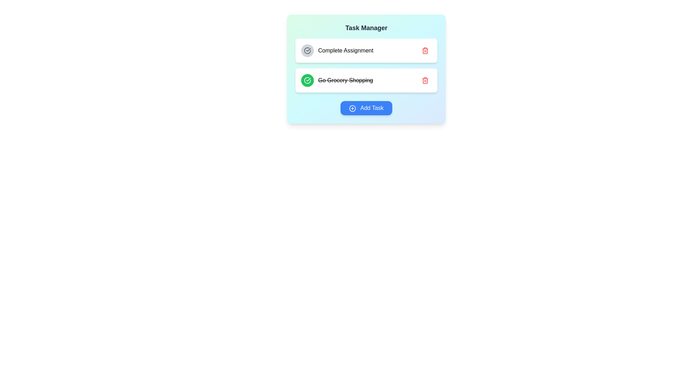 The image size is (681, 383). Describe the element at coordinates (425, 50) in the screenshot. I see `the delete button located at the far-right side of the task item labeled 'Complete Assignment'` at that location.